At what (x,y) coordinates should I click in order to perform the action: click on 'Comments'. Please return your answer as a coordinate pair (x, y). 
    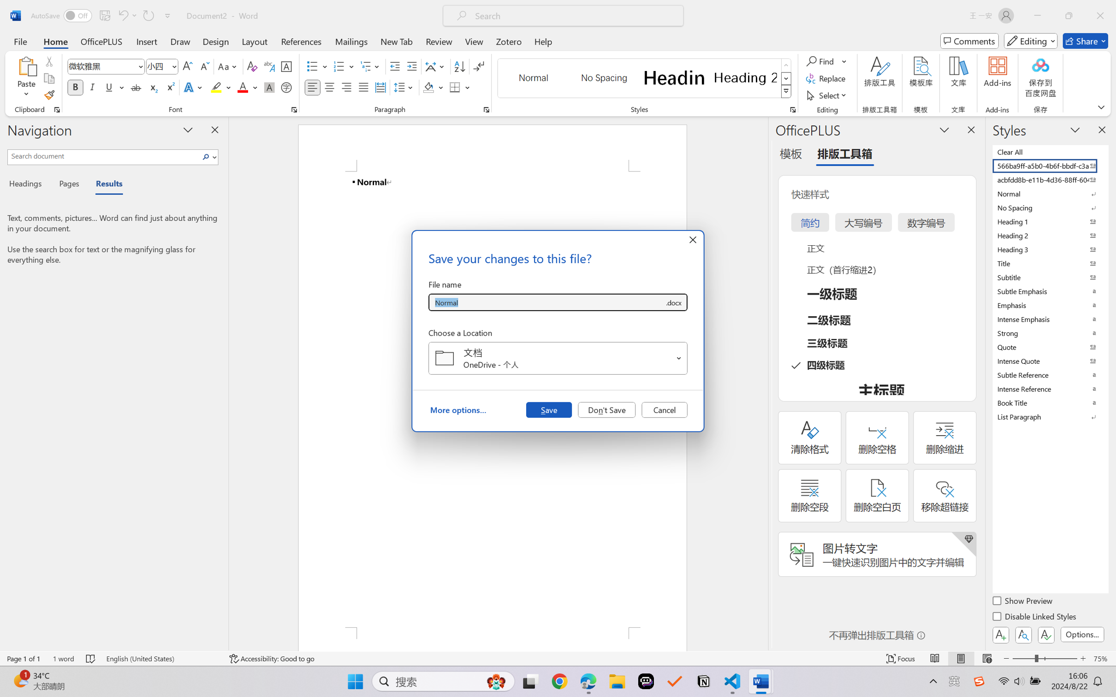
    Looking at the image, I should click on (969, 41).